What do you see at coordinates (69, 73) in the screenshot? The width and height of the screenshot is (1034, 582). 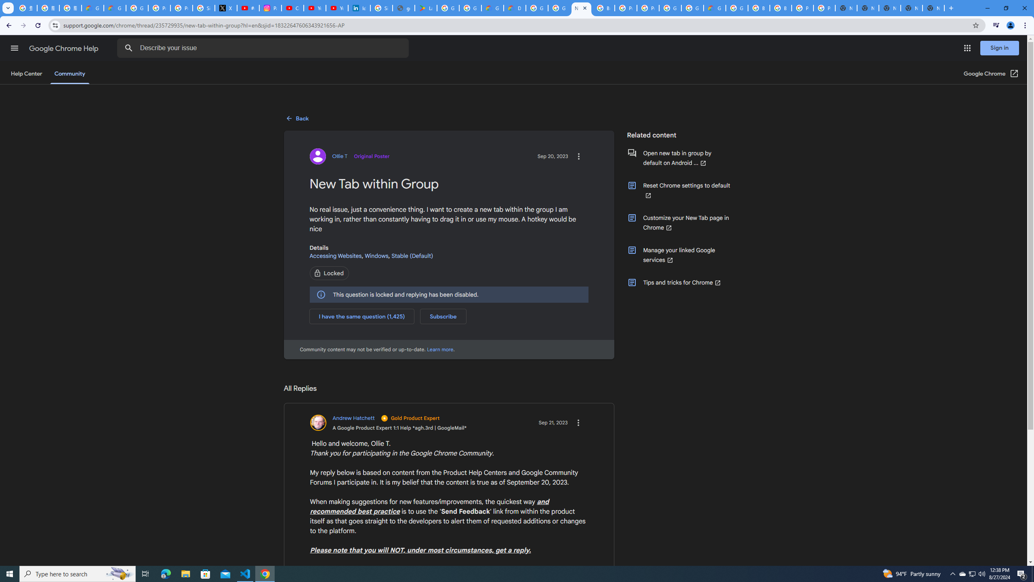 I see `'Community'` at bounding box center [69, 73].